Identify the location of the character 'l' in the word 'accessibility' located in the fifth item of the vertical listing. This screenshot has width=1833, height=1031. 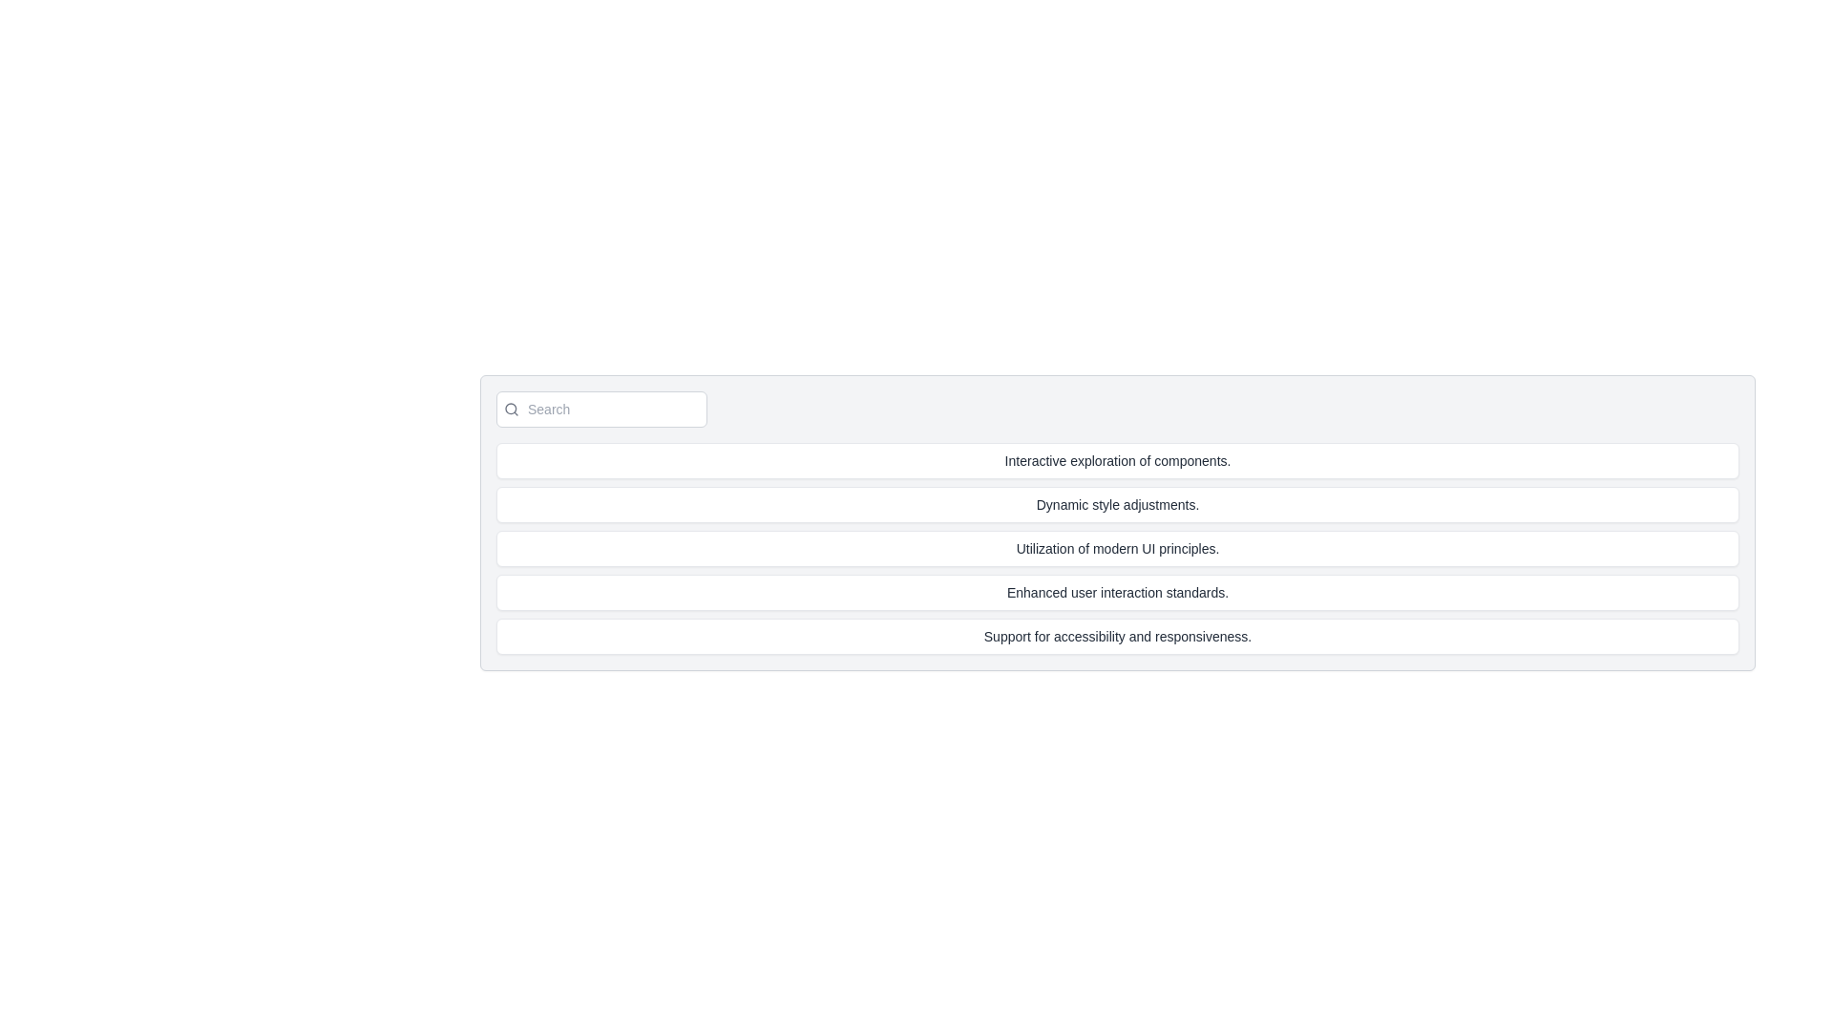
(1110, 637).